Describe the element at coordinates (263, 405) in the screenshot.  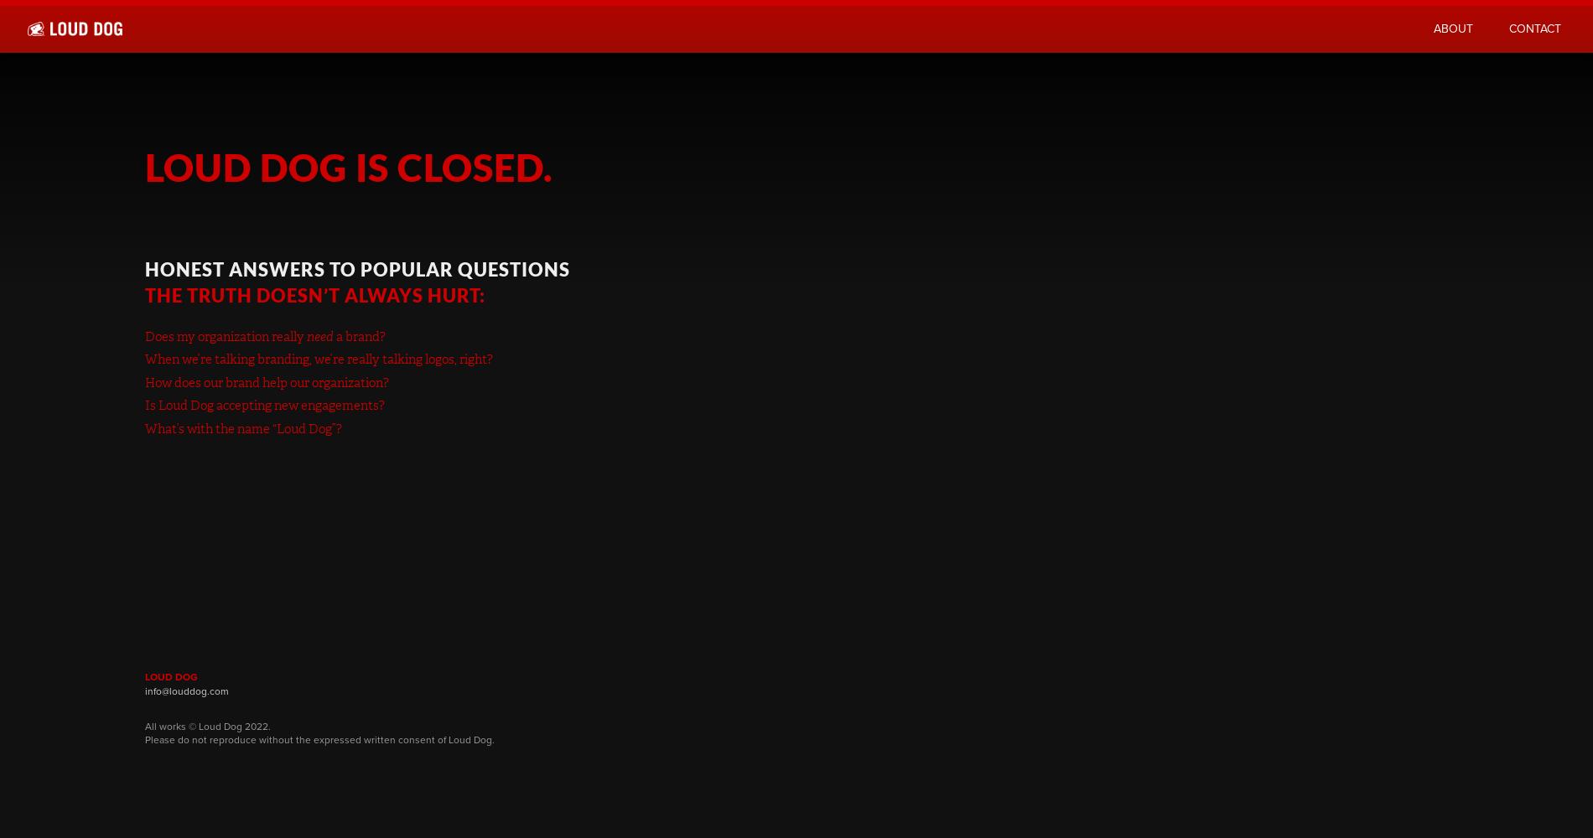
I see `'Is Loud Dog accepting new engagements?'` at that location.